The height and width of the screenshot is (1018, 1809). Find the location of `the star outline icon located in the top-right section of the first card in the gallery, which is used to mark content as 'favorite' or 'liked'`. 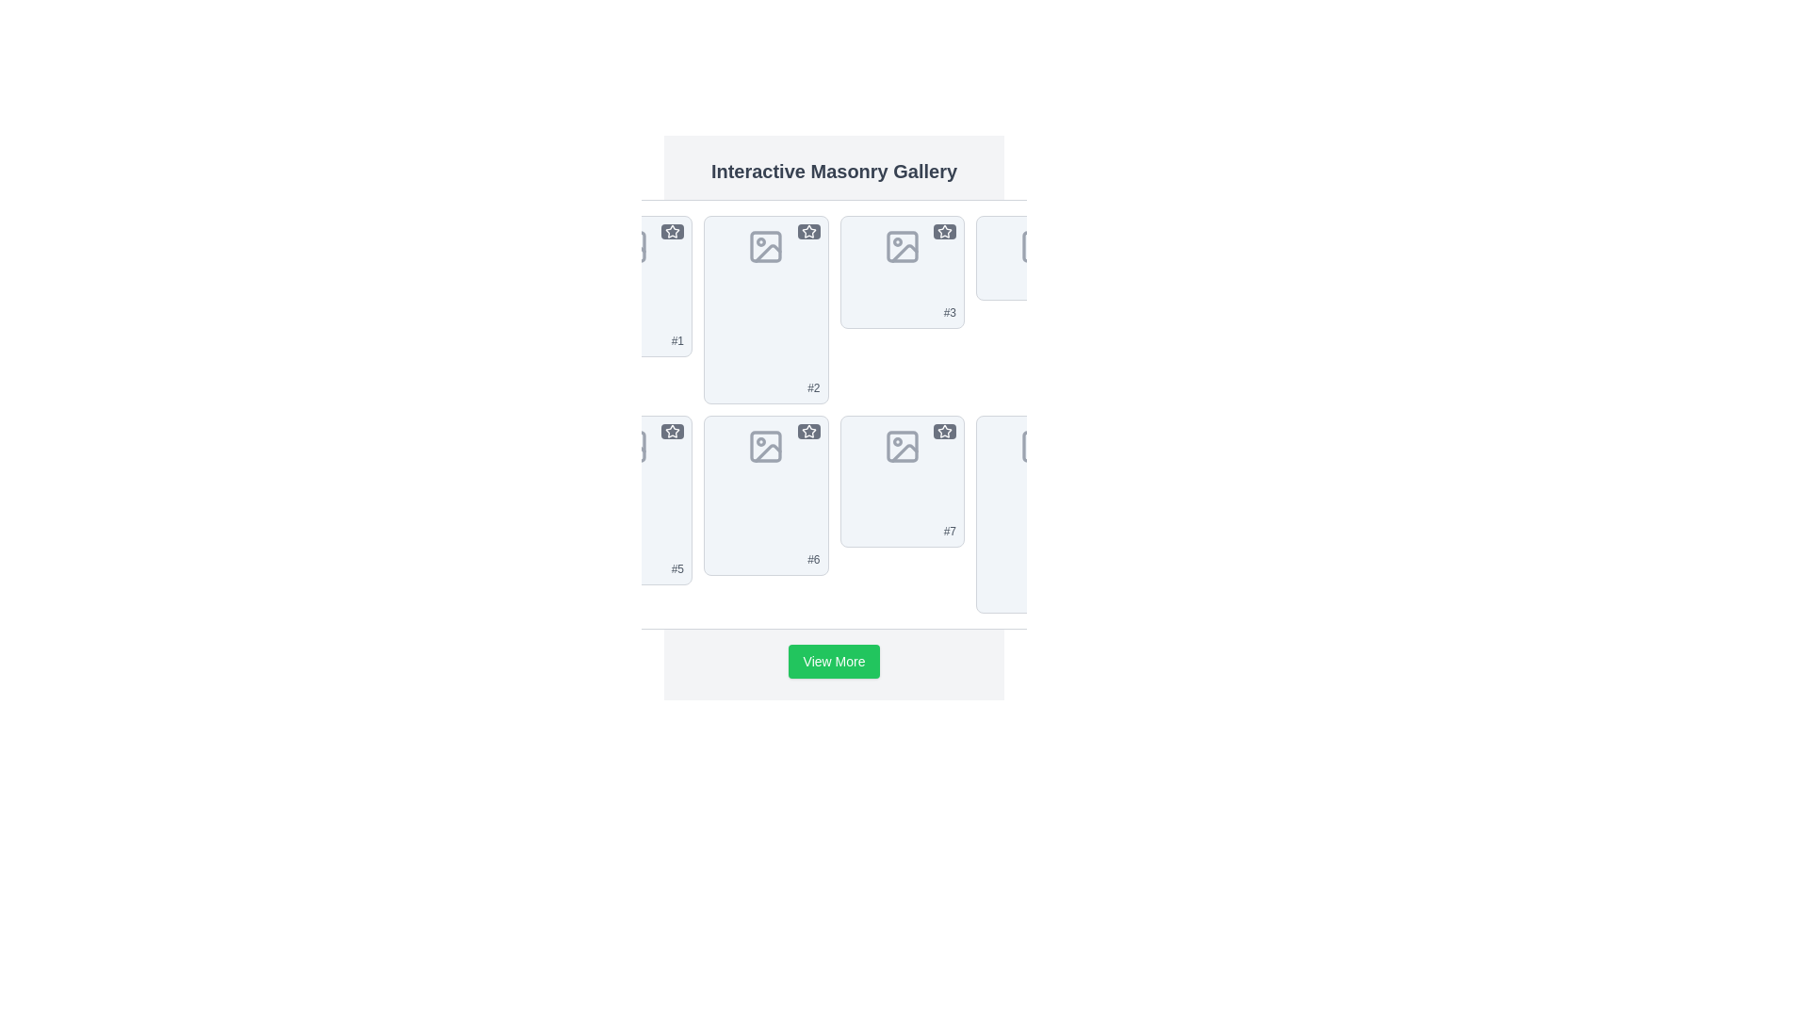

the star outline icon located in the top-right section of the first card in the gallery, which is used to mark content as 'favorite' or 'liked' is located at coordinates (673, 231).